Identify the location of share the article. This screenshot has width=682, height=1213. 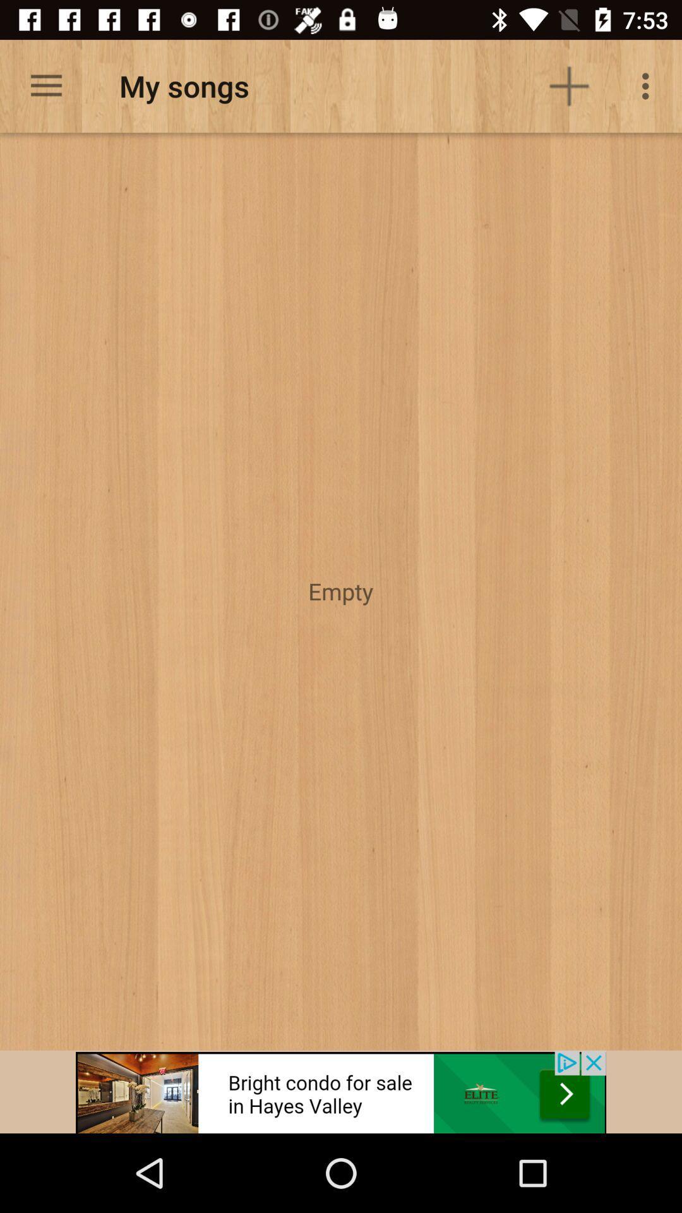
(341, 1091).